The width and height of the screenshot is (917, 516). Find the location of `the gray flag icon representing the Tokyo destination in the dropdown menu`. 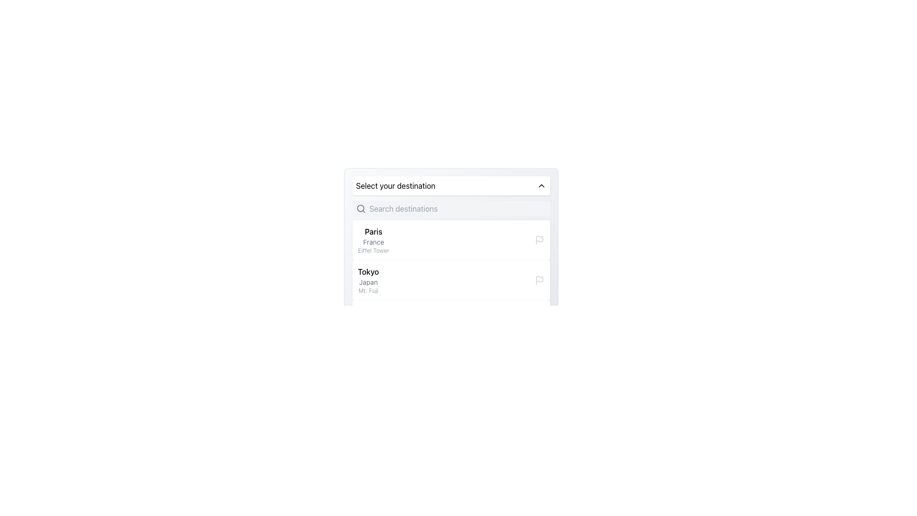

the gray flag icon representing the Tokyo destination in the dropdown menu is located at coordinates (539, 279).